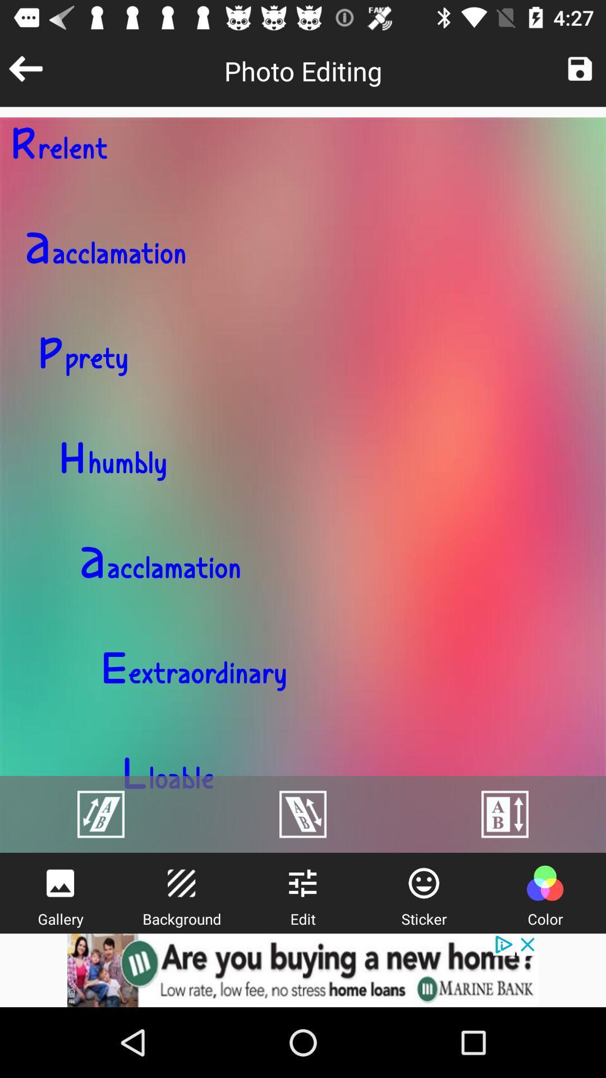  I want to click on the avatar icon, so click(544, 883).